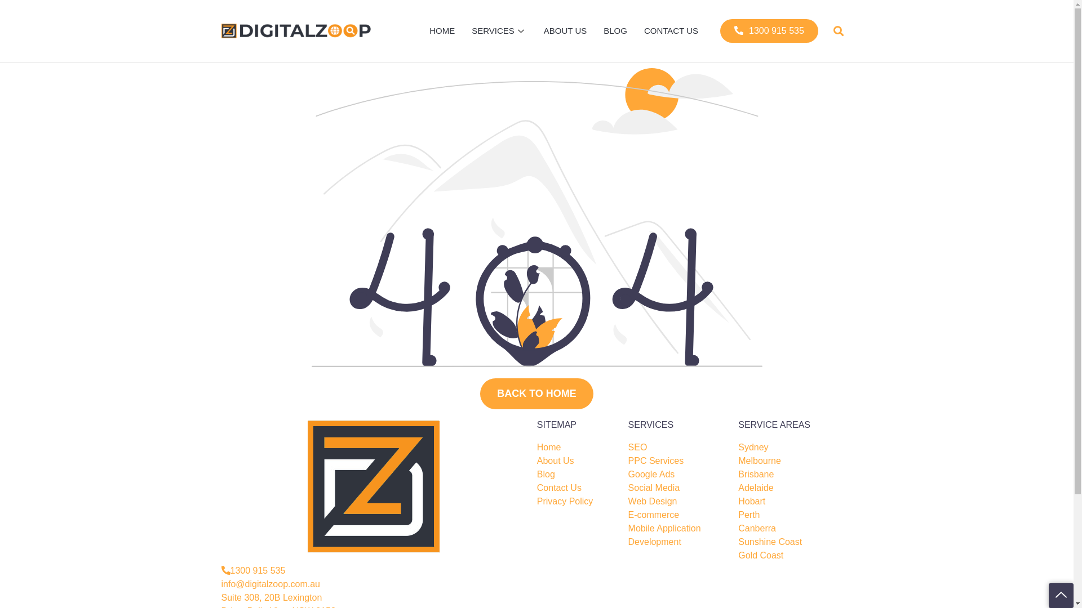 This screenshot has height=608, width=1082. I want to click on 'Sydney', so click(753, 446).